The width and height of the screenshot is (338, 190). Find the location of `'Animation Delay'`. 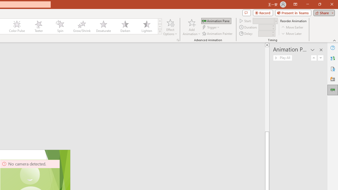

'Animation Delay' is located at coordinates (265, 34).